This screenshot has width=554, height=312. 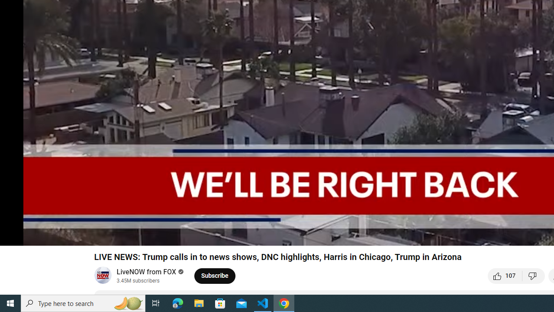 I want to click on 'LiveNOW from FOX', so click(x=147, y=271).